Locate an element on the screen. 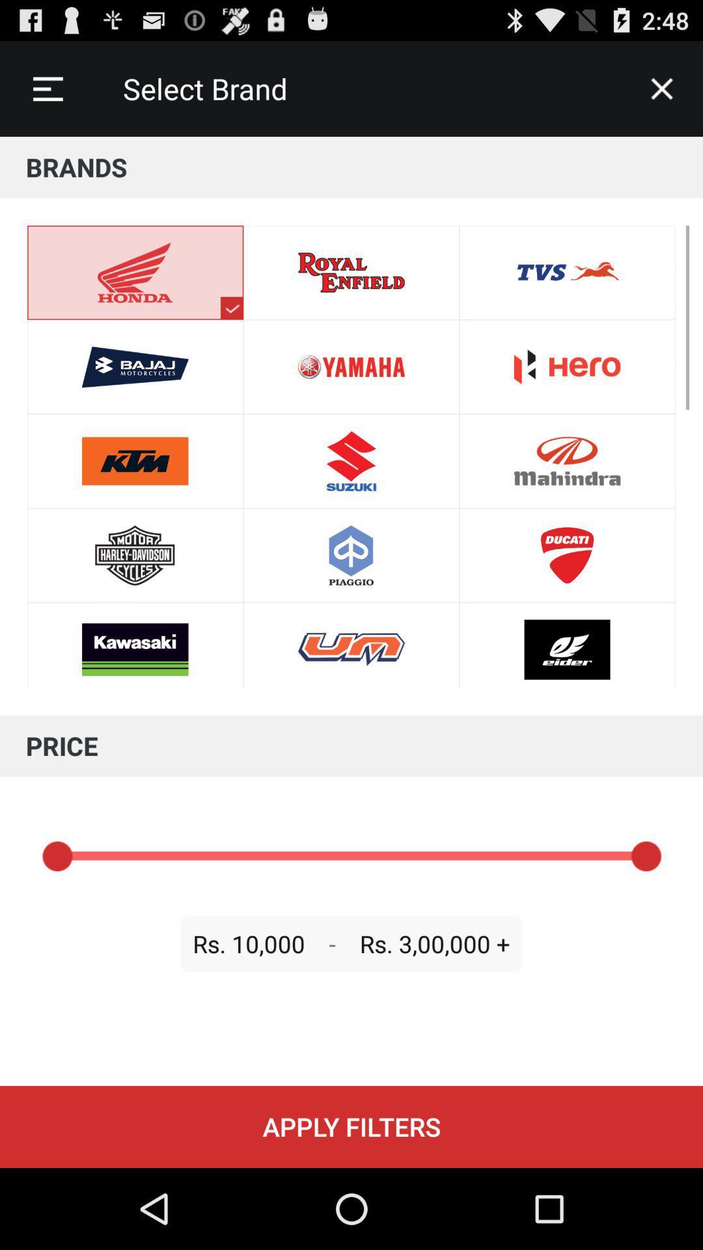 This screenshot has height=1250, width=703. the logo below the brands text is located at coordinates (231, 307).